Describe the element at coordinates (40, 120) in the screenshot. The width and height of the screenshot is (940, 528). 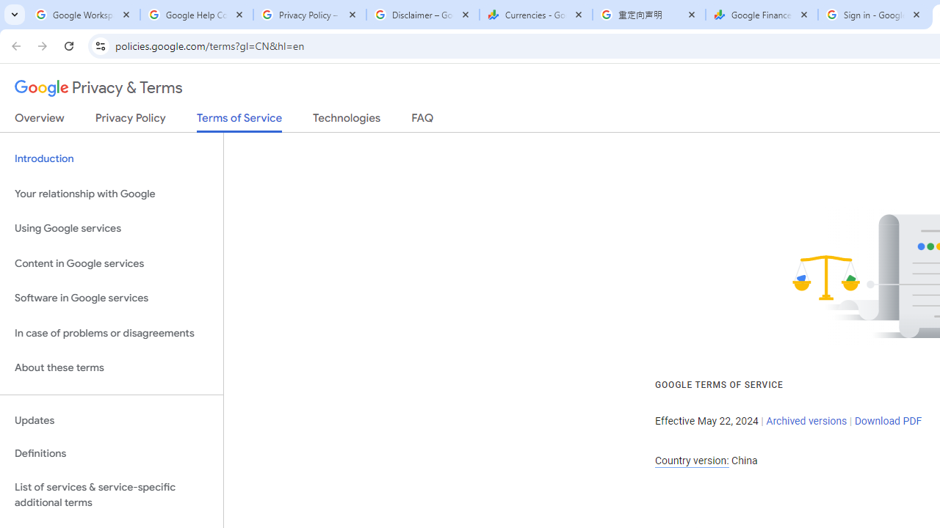
I see `'Overview'` at that location.